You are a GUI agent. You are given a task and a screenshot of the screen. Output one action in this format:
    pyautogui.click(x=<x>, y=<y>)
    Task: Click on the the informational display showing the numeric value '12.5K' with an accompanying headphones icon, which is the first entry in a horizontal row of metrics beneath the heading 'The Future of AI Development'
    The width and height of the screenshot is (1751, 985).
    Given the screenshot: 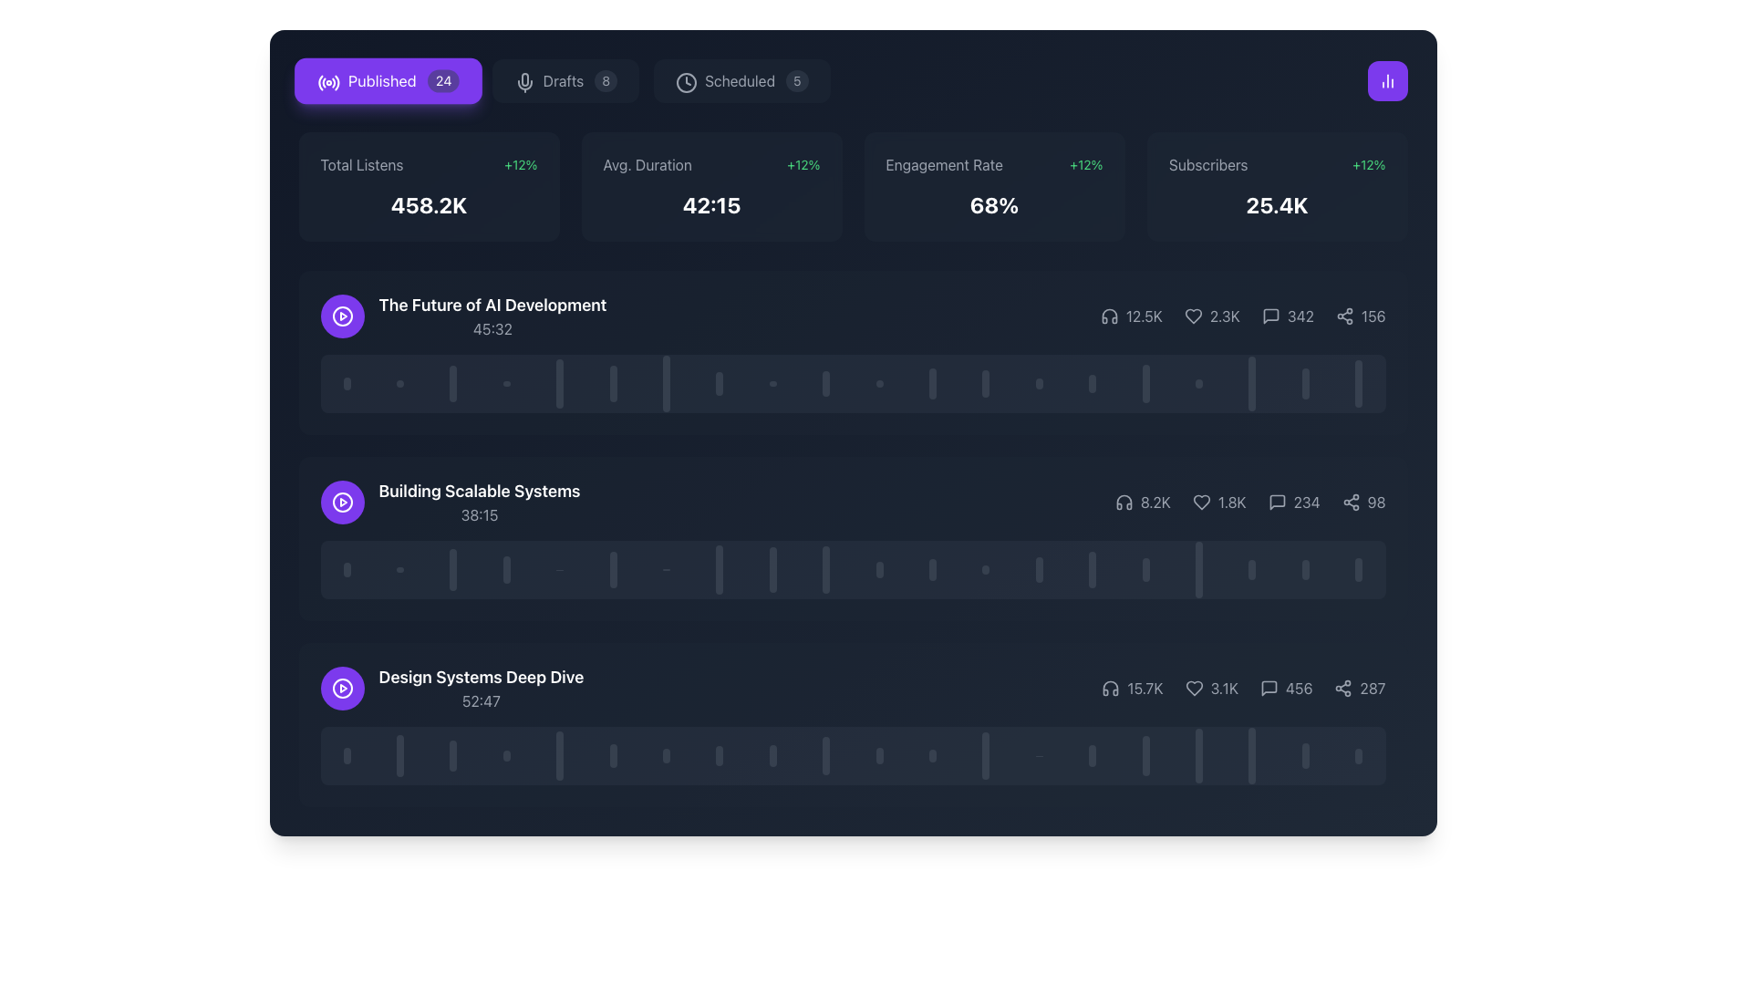 What is the action you would take?
    pyautogui.click(x=1130, y=316)
    